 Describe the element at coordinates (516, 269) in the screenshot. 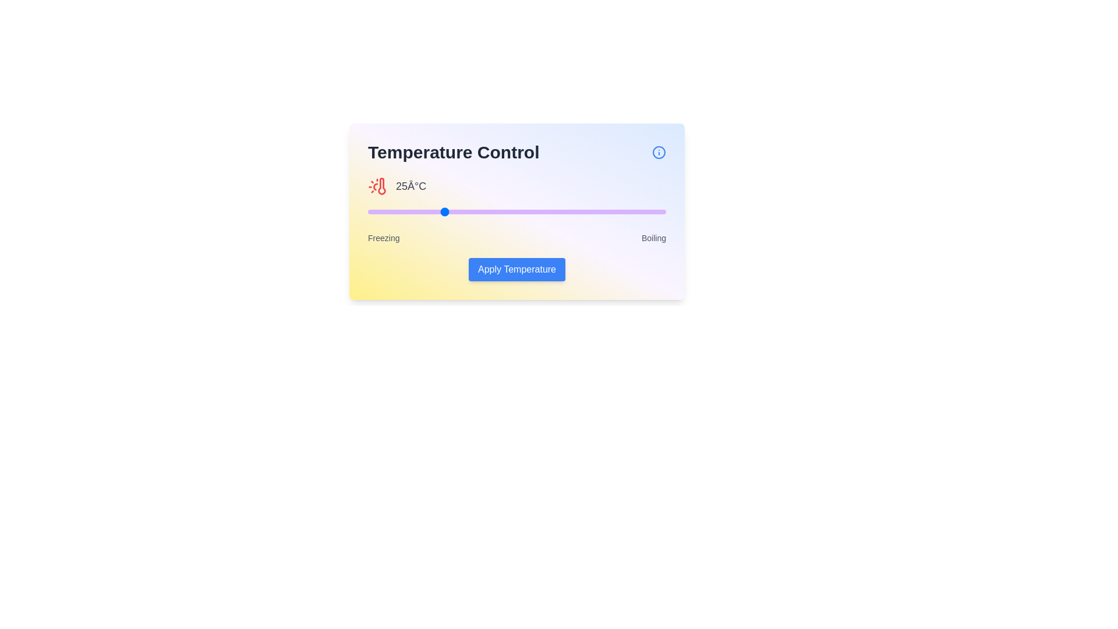

I see `'Apply Temperature' button to apply the selected temperature` at that location.